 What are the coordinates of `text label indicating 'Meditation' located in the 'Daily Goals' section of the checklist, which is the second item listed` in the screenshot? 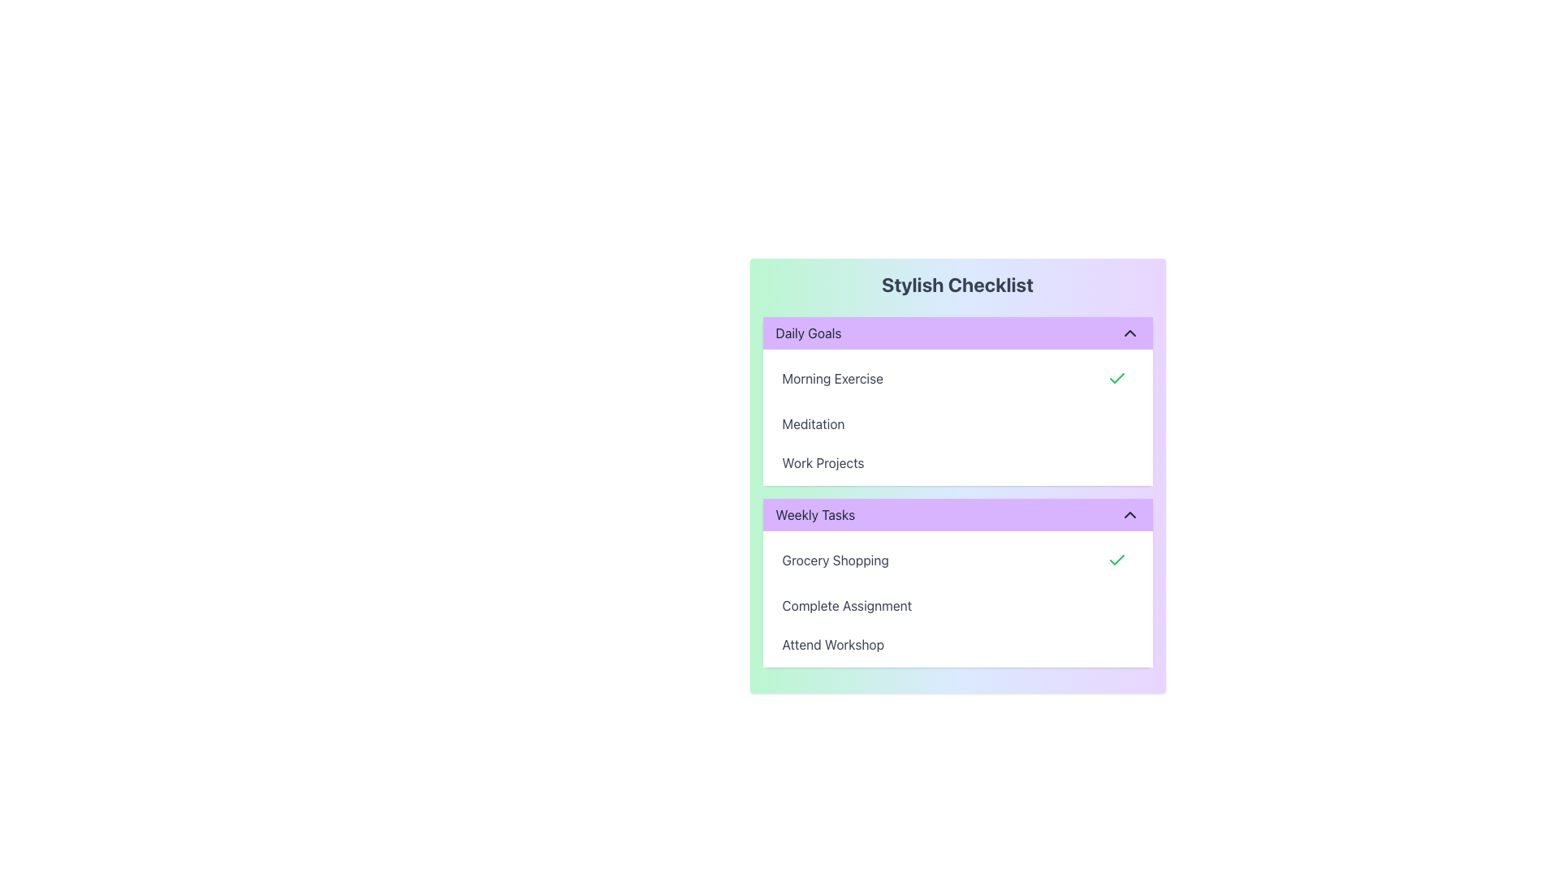 It's located at (814, 423).